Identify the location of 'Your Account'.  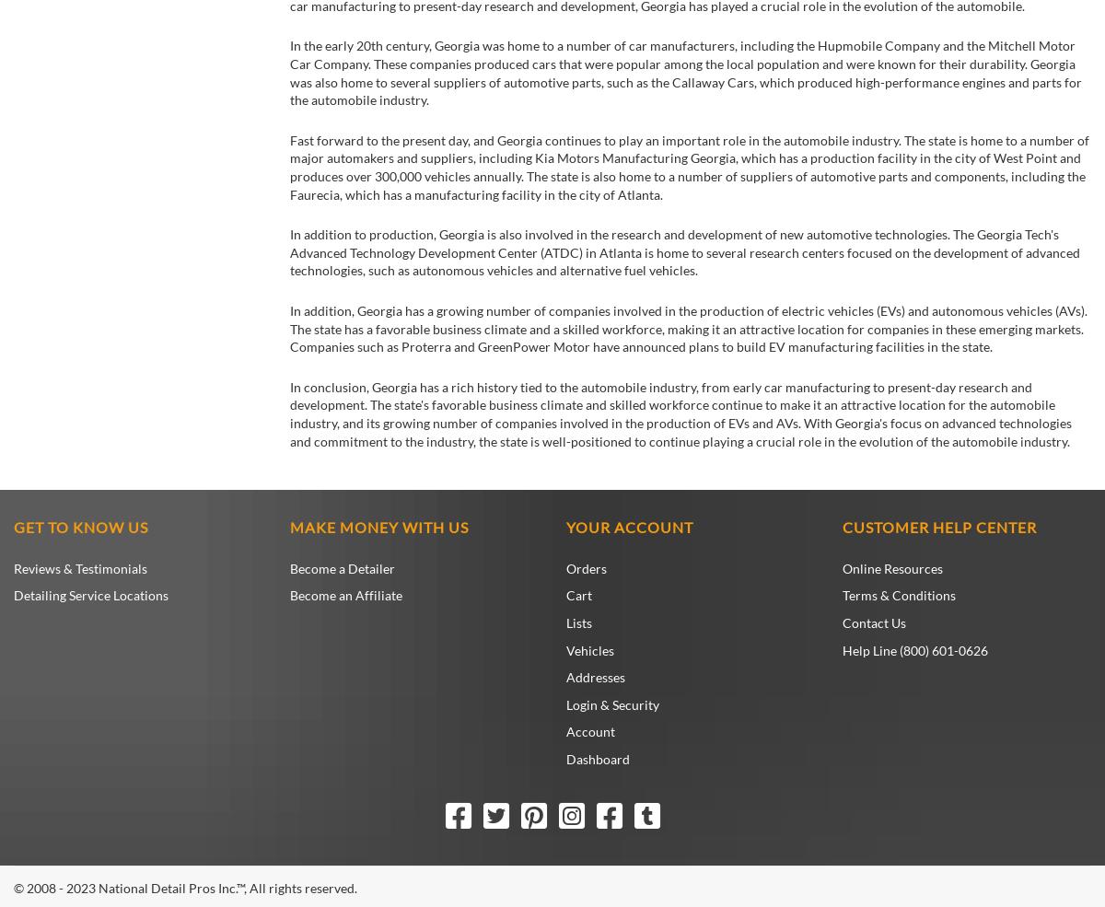
(566, 527).